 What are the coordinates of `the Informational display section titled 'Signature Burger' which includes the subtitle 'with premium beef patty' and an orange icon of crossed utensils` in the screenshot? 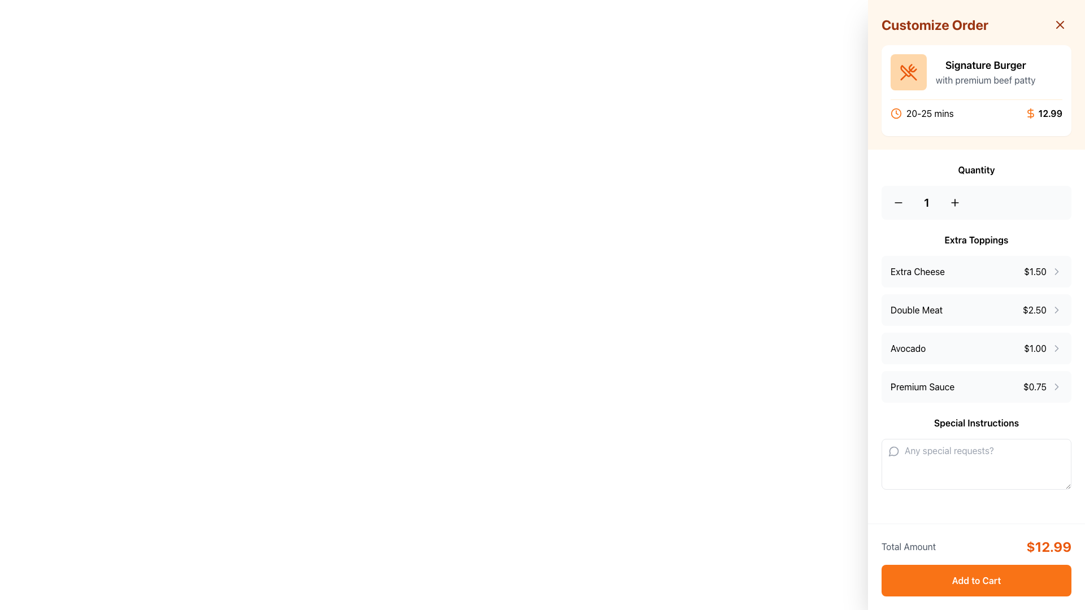 It's located at (976, 72).